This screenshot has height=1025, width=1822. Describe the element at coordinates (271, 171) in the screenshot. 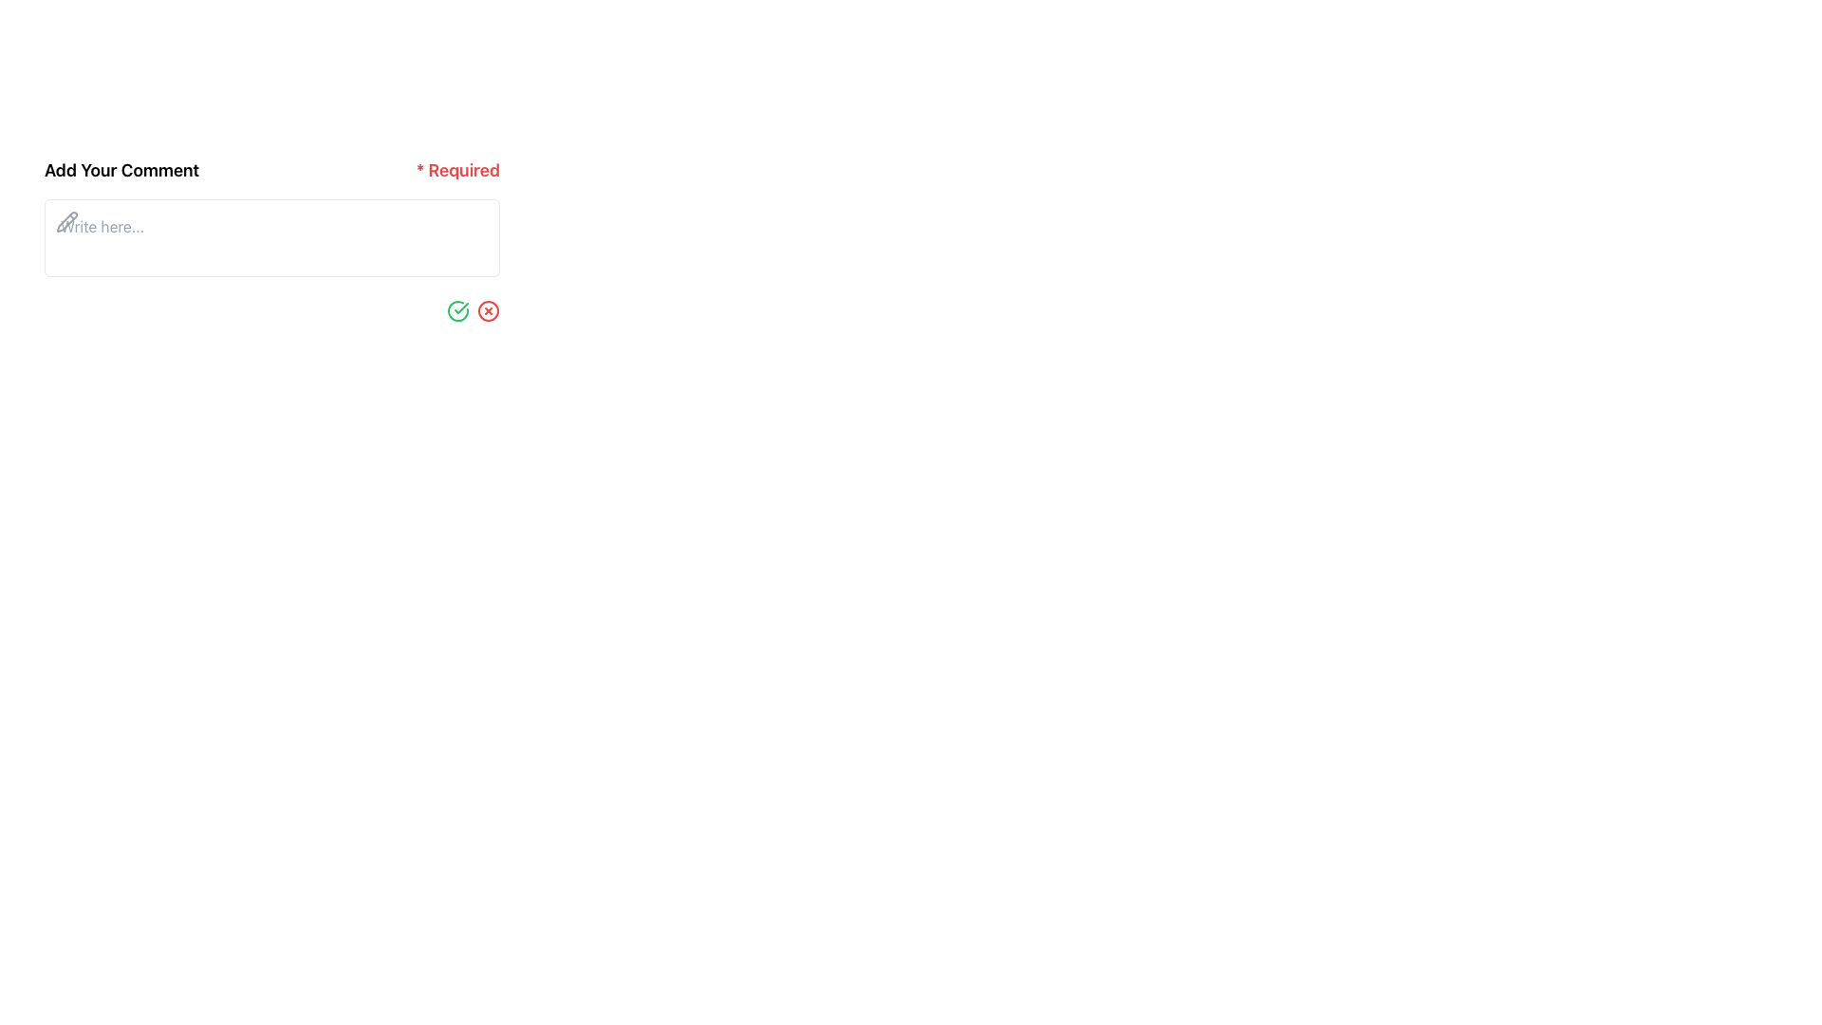

I see `the heading text element that displays 'Add Your Comment* Required', which is prominently positioned at the top of the form layout with a bold font on the left and '* Required' in red on the right` at that location.